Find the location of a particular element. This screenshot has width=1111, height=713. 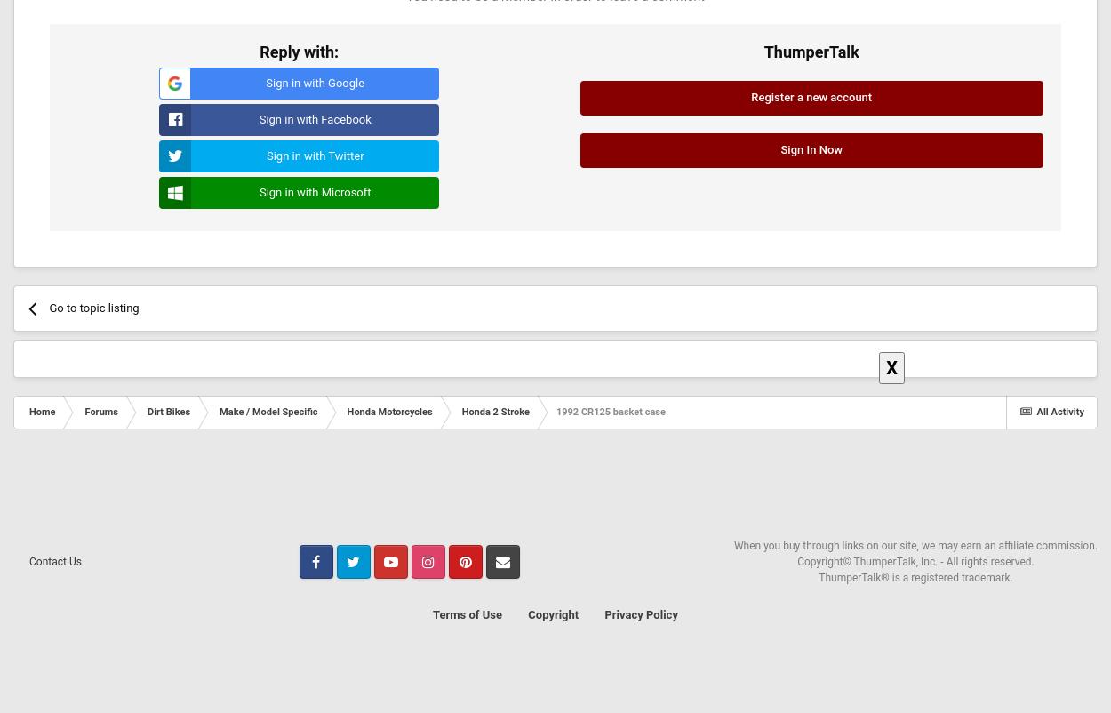

'Sign in with Twitter' is located at coordinates (314, 156).